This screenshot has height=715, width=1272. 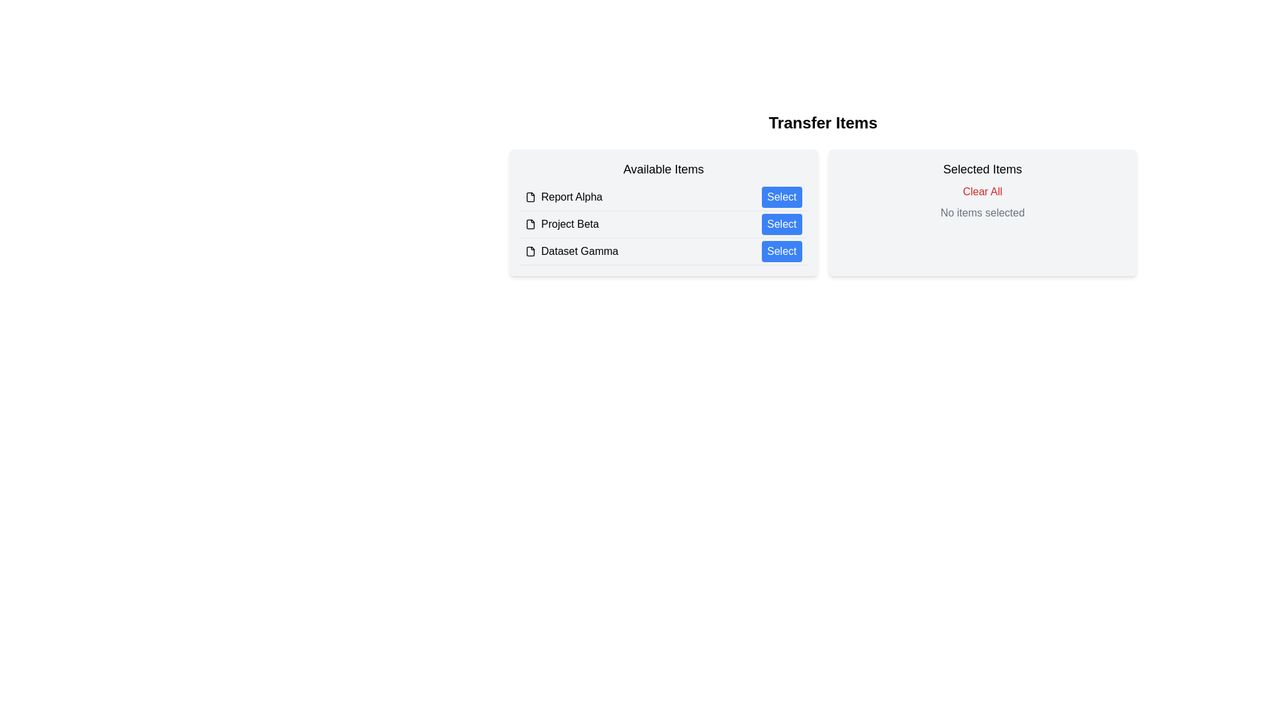 I want to click on the 'Available Items' section, which has a light gray background and contains a title in bold font, along with items and a 'Select' button, so click(x=663, y=212).